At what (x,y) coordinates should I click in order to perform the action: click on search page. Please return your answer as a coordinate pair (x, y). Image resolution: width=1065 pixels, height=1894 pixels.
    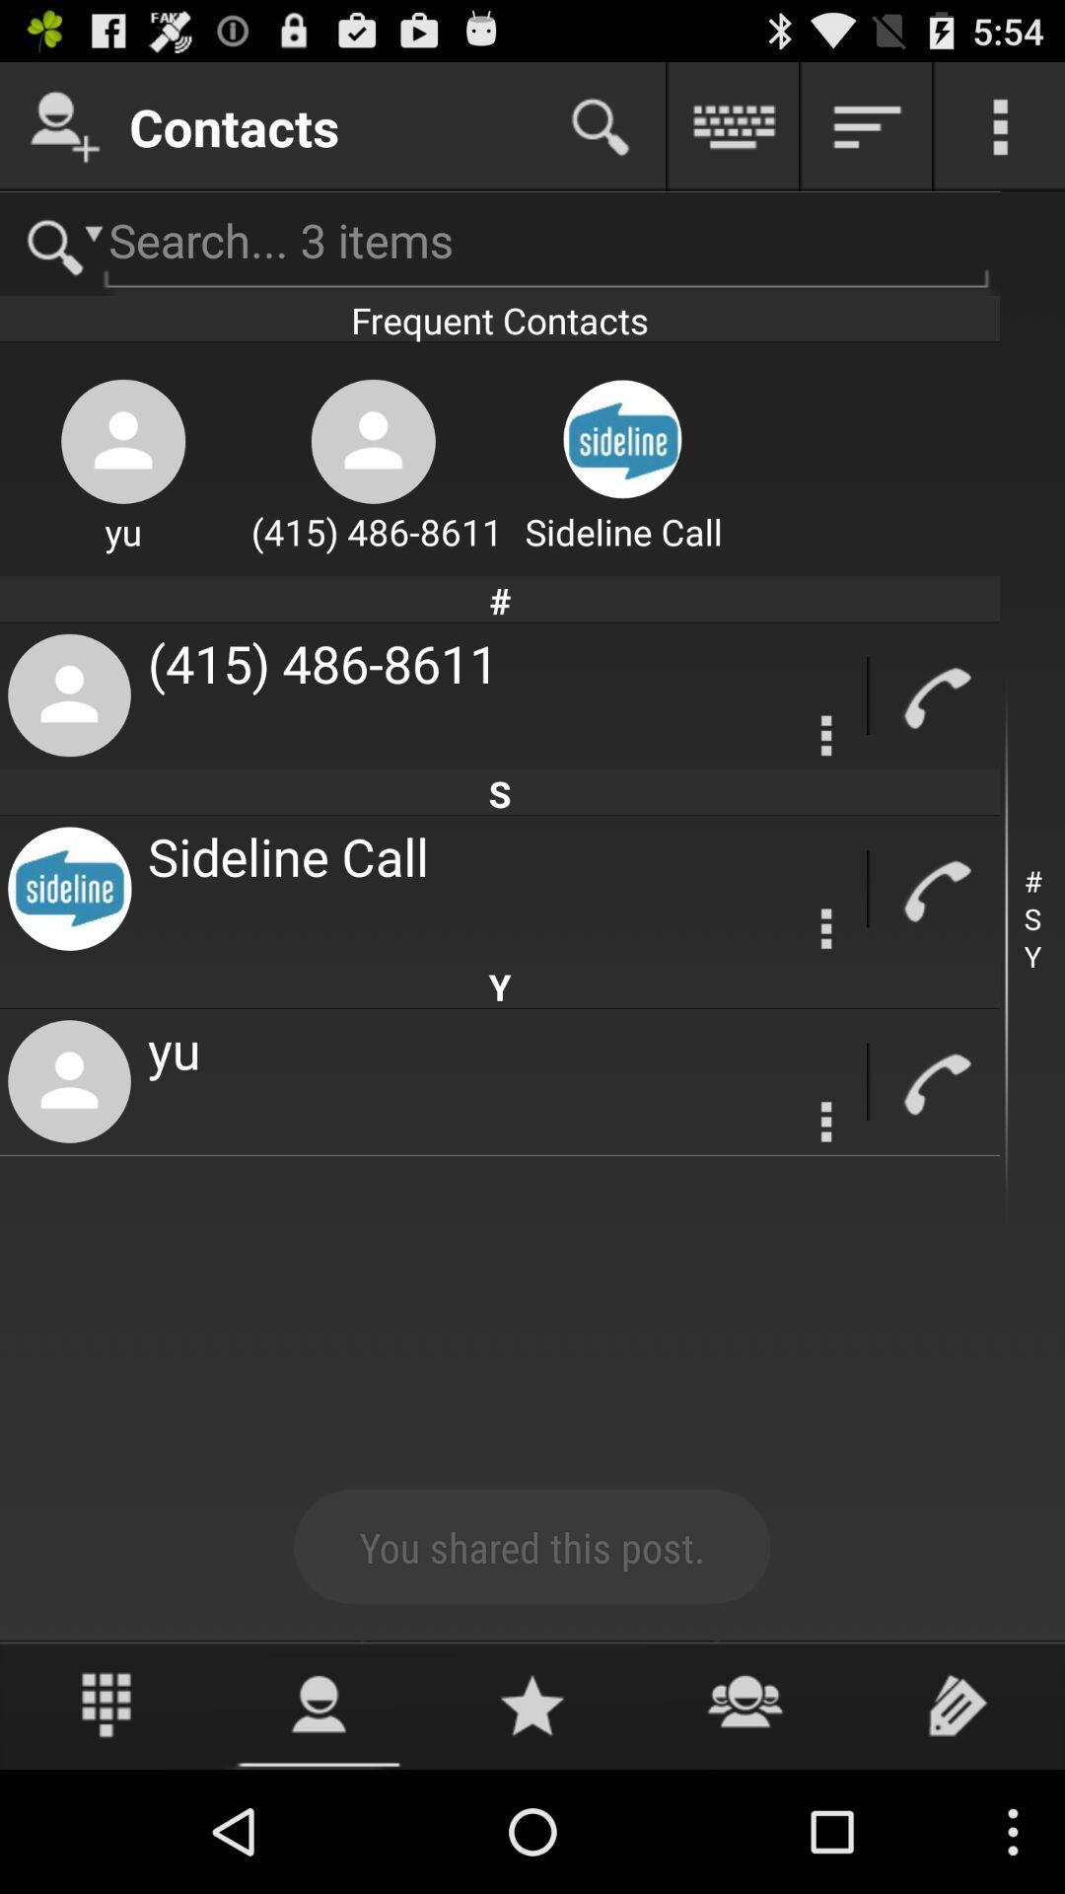
    Looking at the image, I should click on (55, 243).